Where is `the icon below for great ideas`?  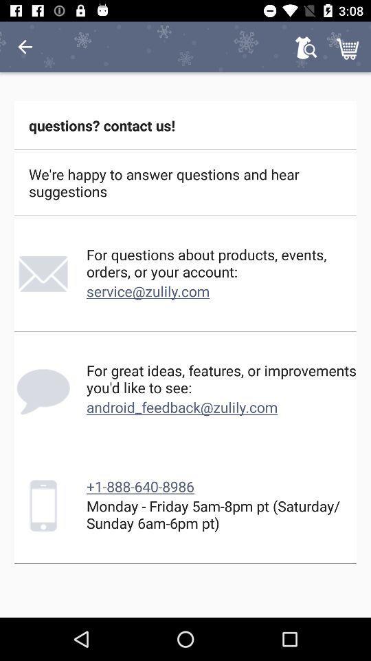
the icon below for great ideas is located at coordinates (182, 407).